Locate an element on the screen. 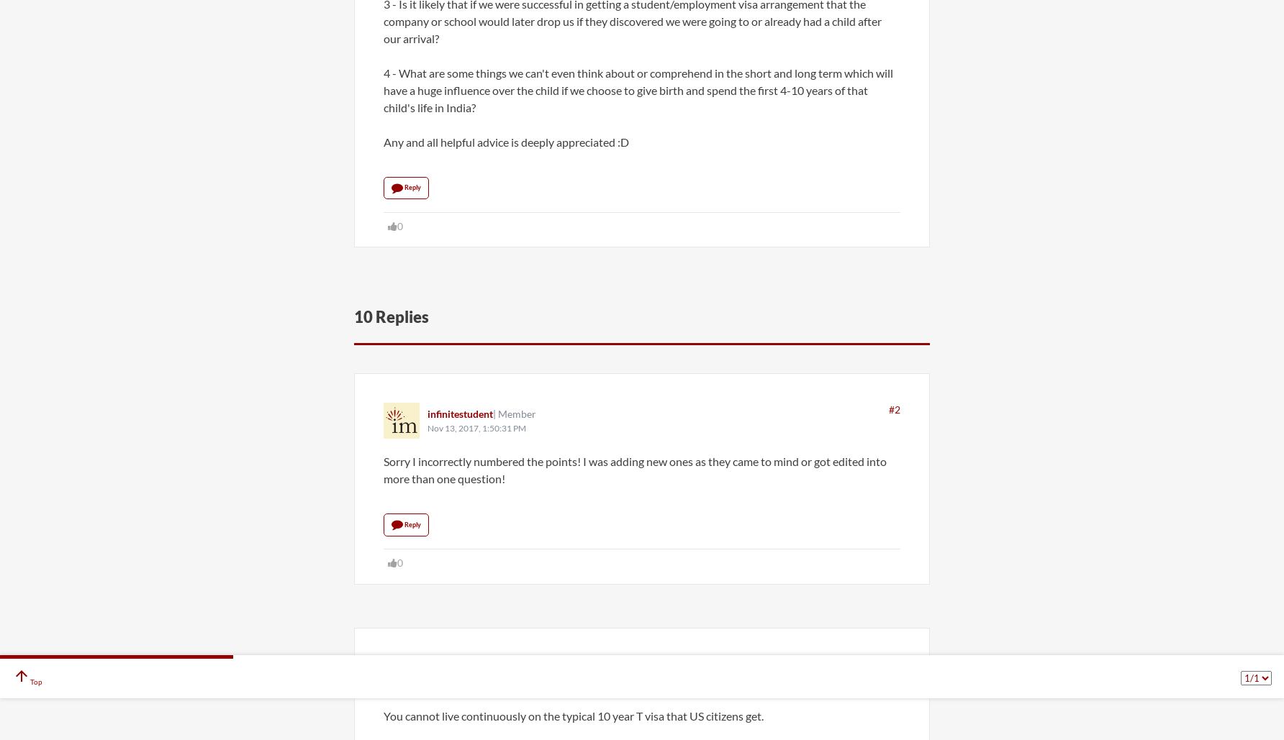 This screenshot has width=1284, height=740. 'Any and all helpful advice is deeply appreciated :D' is located at coordinates (506, 141).